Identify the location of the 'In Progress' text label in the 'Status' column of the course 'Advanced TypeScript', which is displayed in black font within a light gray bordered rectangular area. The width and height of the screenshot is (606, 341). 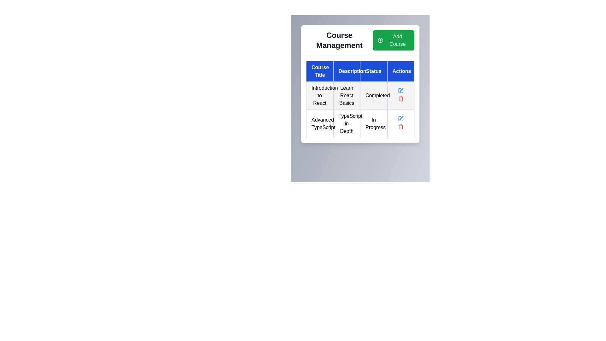
(374, 124).